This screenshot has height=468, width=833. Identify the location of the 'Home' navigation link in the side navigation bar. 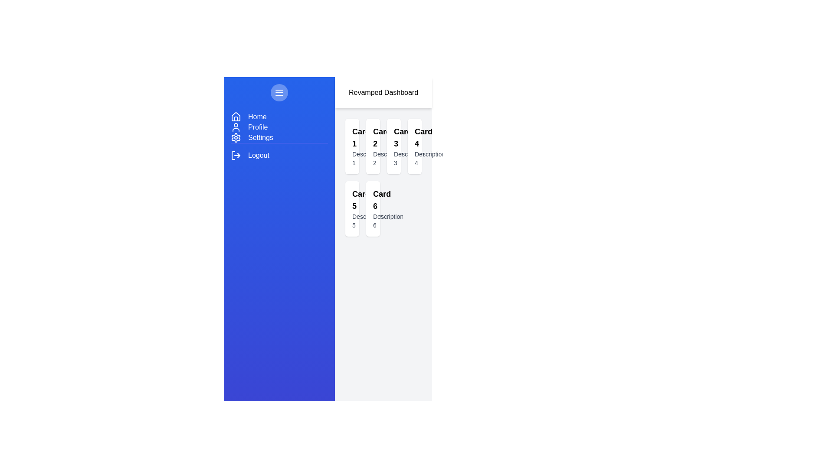
(279, 117).